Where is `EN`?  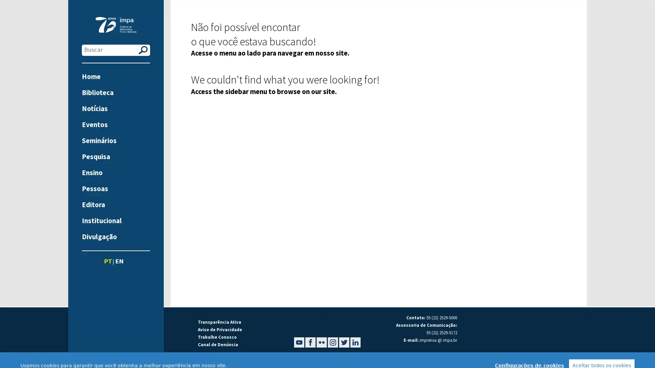
EN is located at coordinates (119, 261).